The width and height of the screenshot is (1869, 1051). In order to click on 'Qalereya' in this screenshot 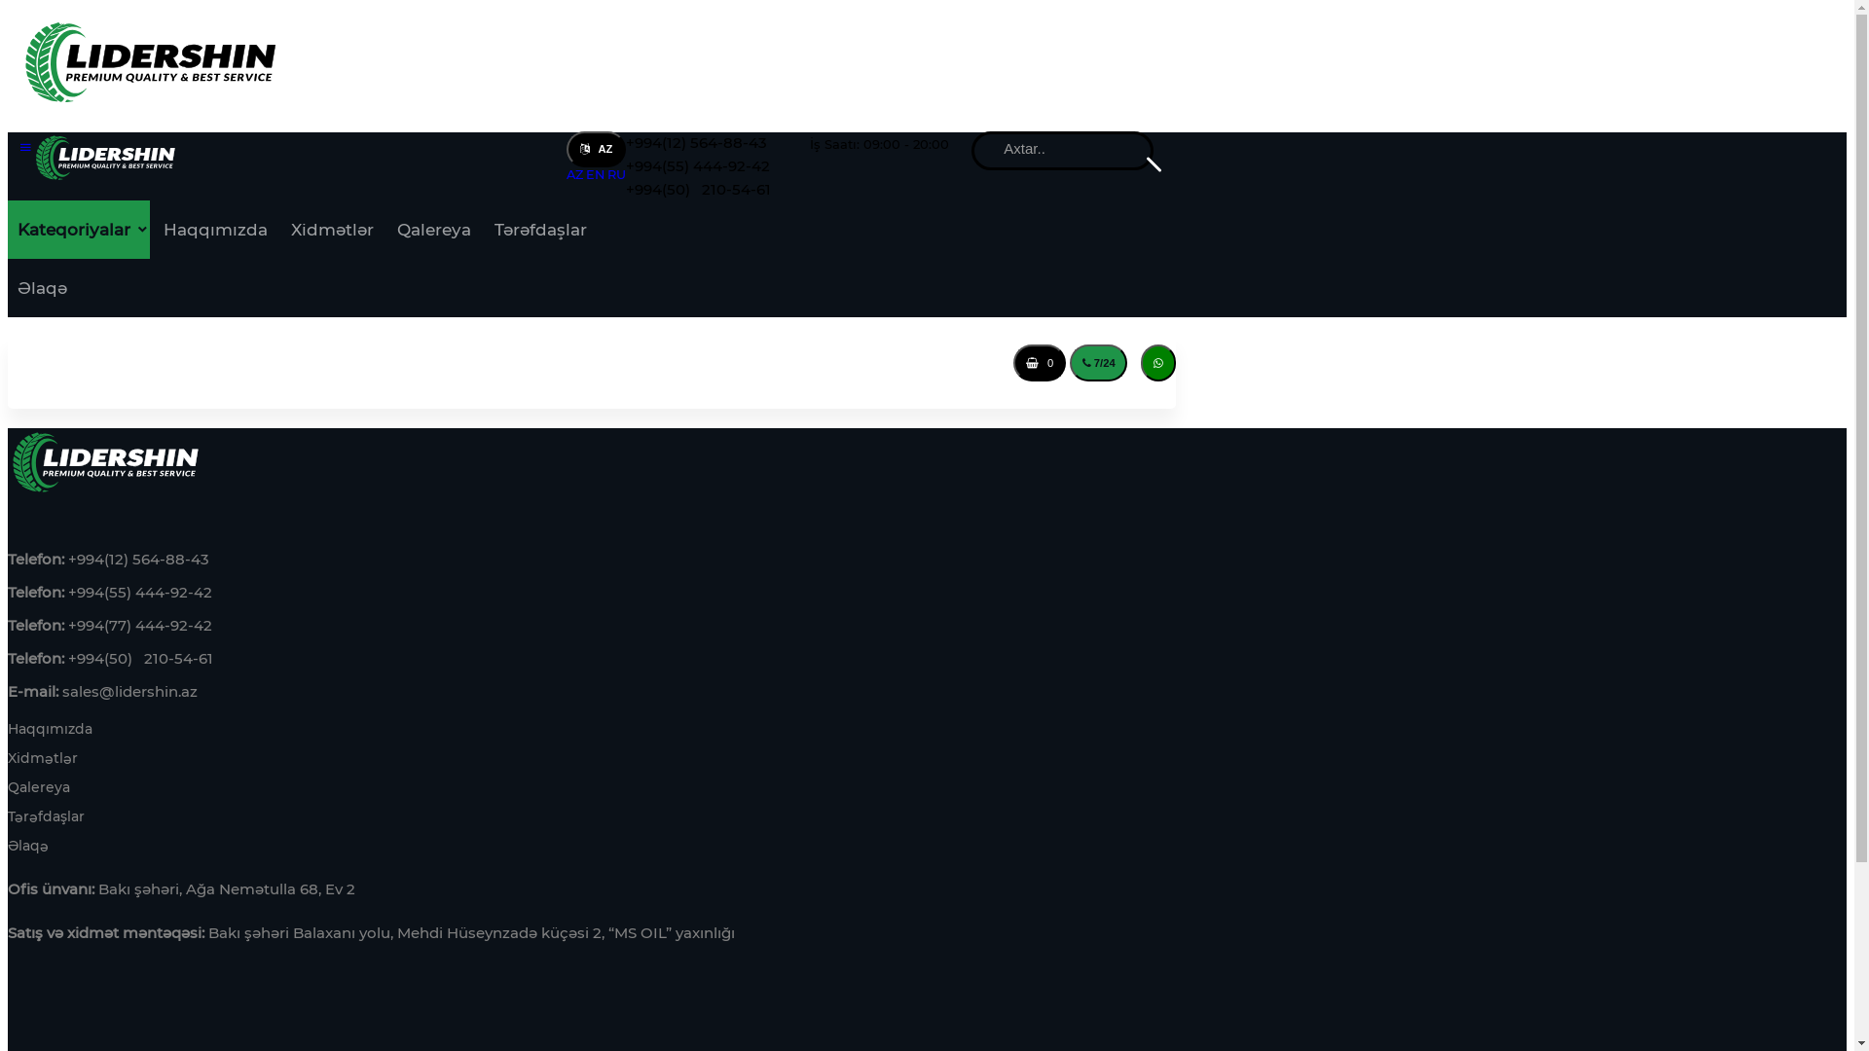, I will do `click(38, 786)`.